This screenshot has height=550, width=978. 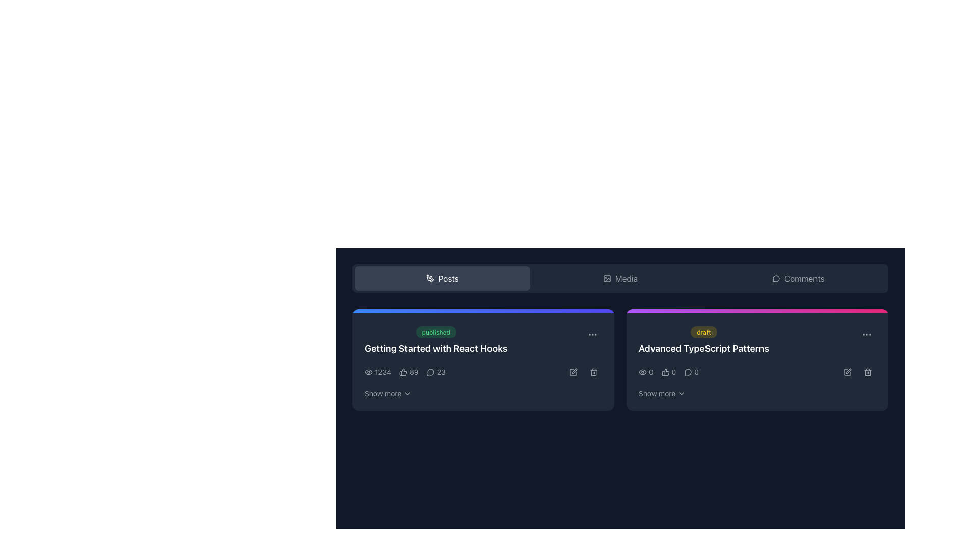 I want to click on the text block displaying the title 'Advanced TypeScript Patterns' and the status label 'draft' located in the second column of the dashboard, so click(x=703, y=340).